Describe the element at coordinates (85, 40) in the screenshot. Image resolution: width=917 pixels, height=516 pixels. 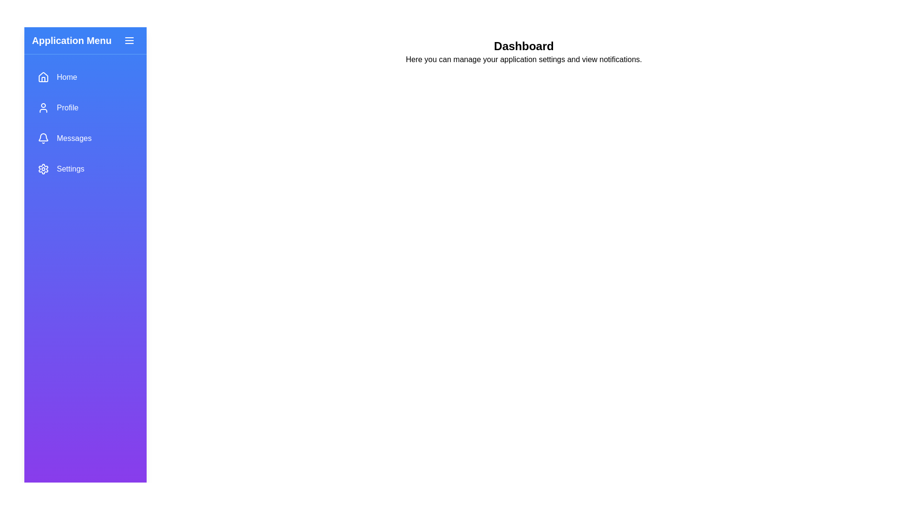
I see `the 'Application Menu' header element, which features bold white text on a gradient blue background` at that location.